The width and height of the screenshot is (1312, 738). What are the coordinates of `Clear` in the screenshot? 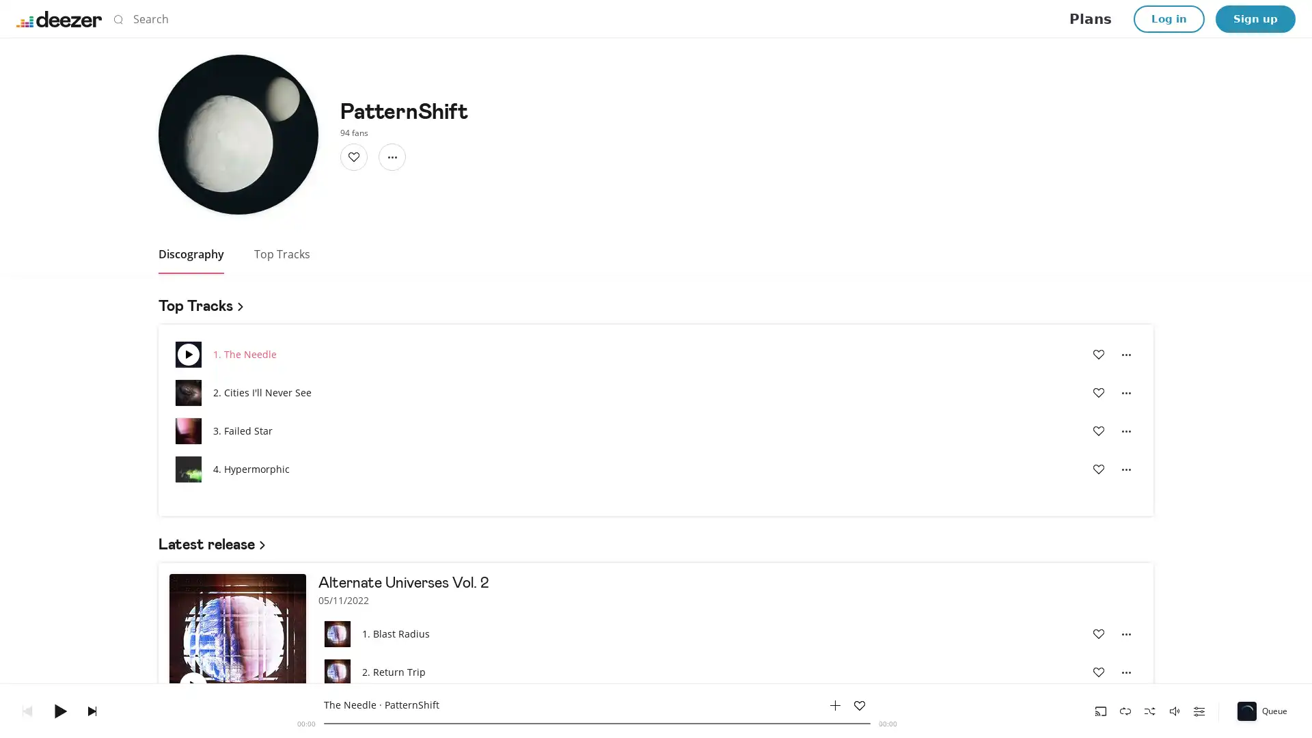 It's located at (871, 18).